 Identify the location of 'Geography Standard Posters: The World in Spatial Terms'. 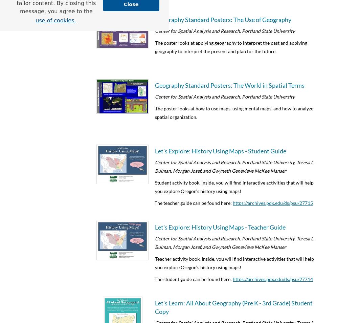
(229, 85).